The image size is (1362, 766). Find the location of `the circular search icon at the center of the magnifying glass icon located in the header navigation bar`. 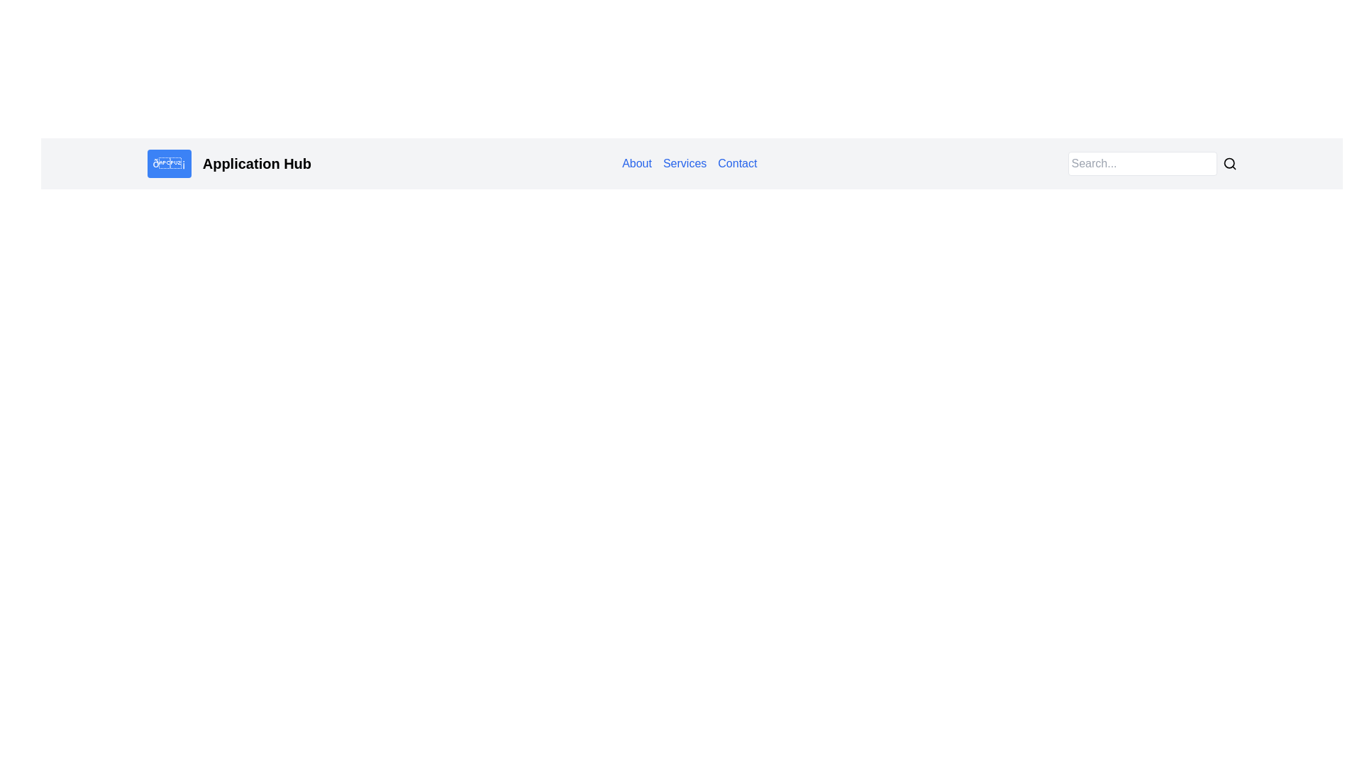

the circular search icon at the center of the magnifying glass icon located in the header navigation bar is located at coordinates (1228, 162).